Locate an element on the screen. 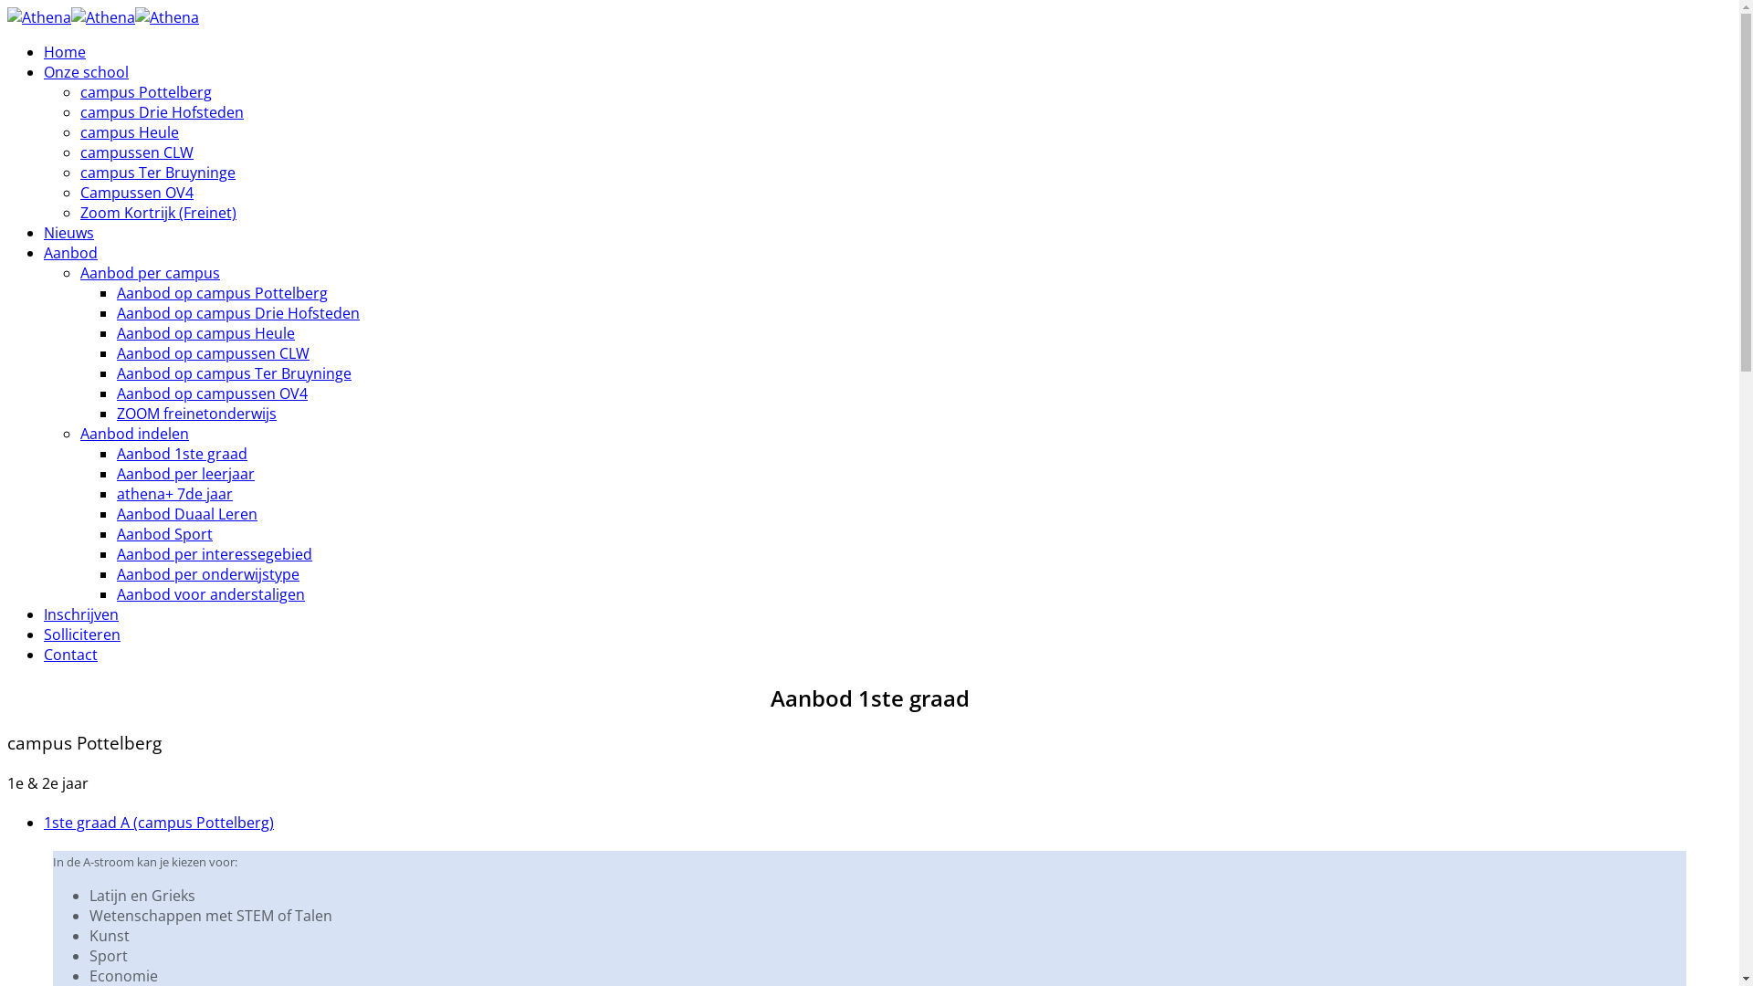 The width and height of the screenshot is (1753, 986). 'Onze school' is located at coordinates (85, 70).